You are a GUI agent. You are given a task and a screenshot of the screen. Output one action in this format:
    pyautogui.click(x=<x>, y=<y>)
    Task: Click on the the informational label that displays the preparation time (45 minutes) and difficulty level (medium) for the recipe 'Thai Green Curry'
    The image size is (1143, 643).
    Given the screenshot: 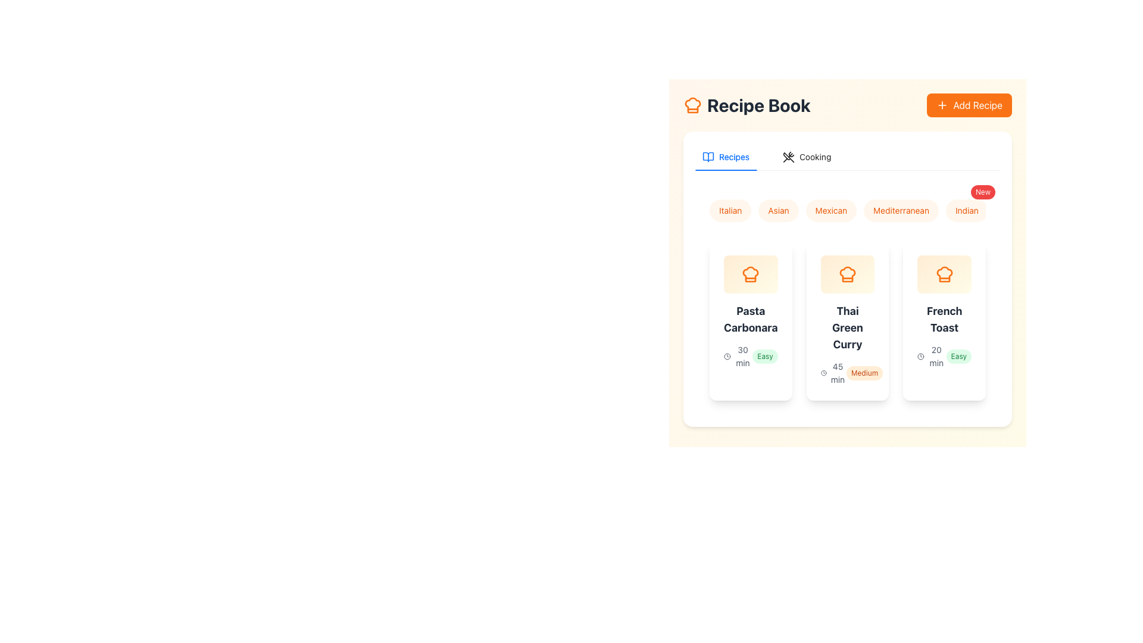 What is the action you would take?
    pyautogui.click(x=847, y=373)
    